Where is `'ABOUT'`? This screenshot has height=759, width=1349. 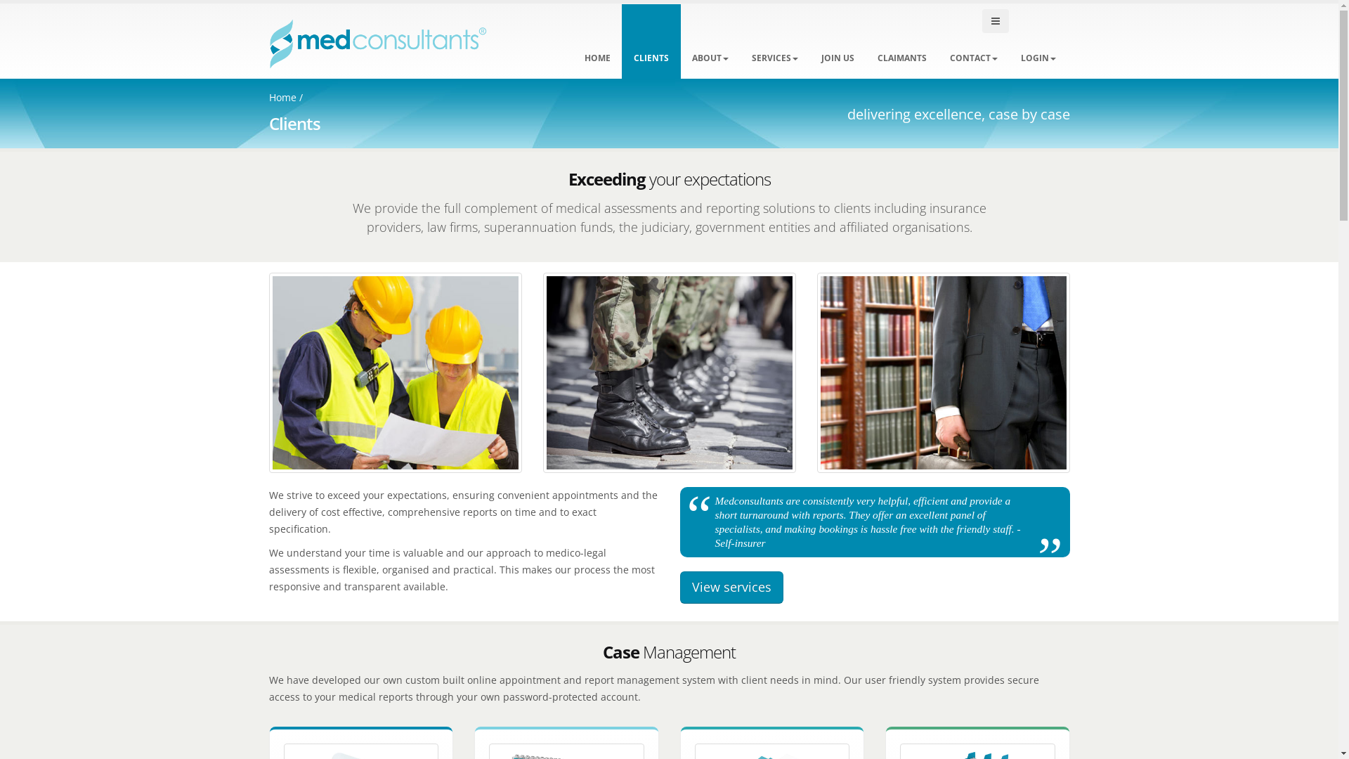
'ABOUT' is located at coordinates (680, 41).